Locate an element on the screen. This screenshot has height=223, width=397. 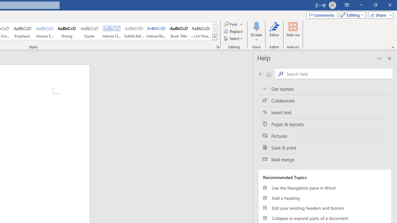
'Emphasis' is located at coordinates (22, 31).